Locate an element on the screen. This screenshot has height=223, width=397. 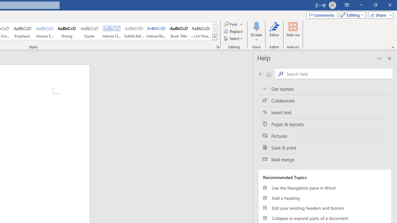
'Emphasis' is located at coordinates (22, 31).